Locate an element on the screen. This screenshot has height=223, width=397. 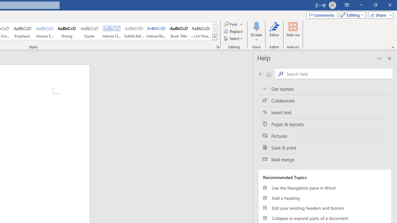
'Emphasis' is located at coordinates (22, 31).